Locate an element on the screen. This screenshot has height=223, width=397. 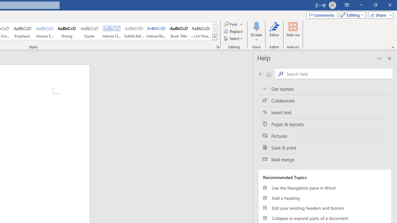
'Emphasis' is located at coordinates (22, 31).